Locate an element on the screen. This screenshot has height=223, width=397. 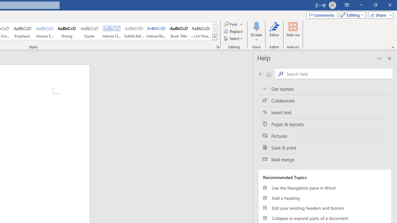
'Emphasis' is located at coordinates (22, 31).